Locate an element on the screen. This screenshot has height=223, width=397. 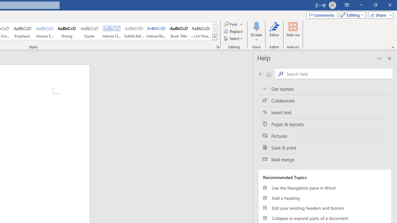
'Emphasis' is located at coordinates (22, 31).